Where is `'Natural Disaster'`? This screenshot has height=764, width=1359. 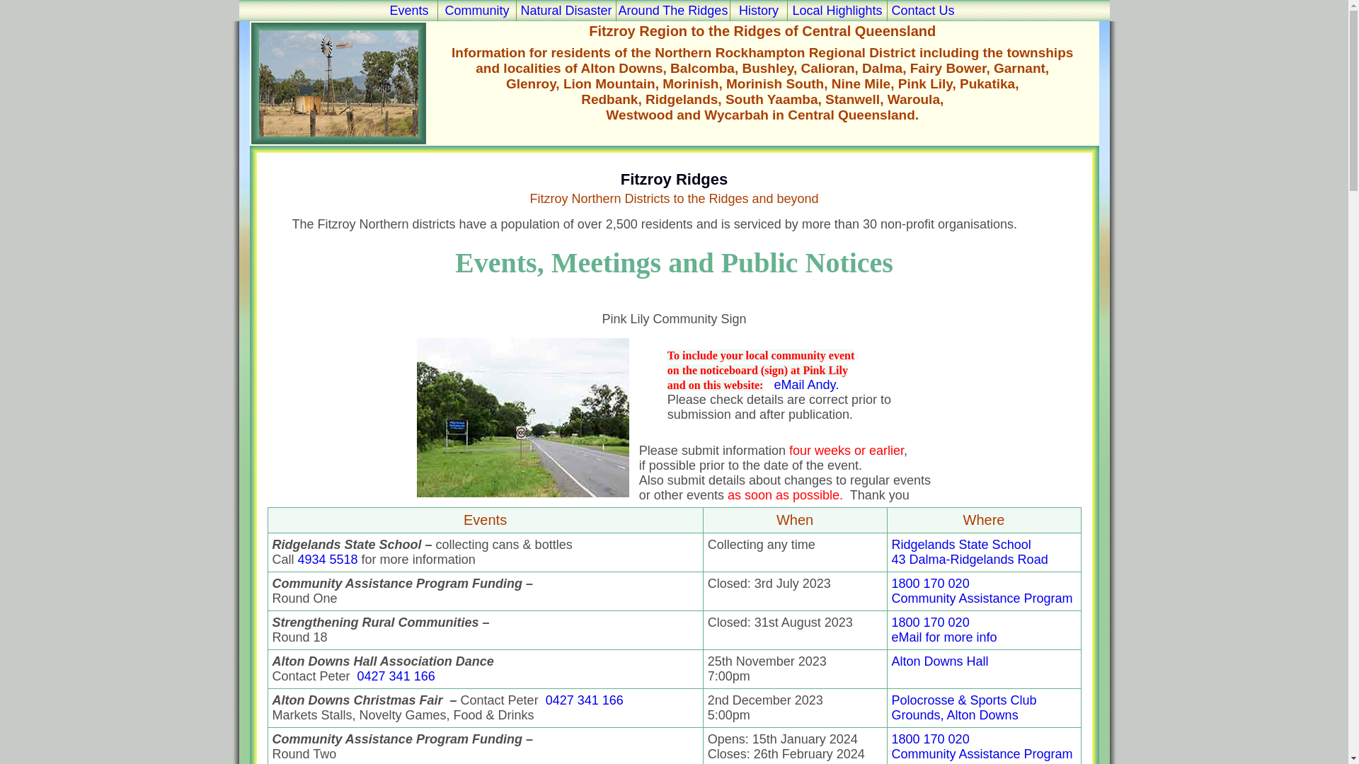
'Natural Disaster' is located at coordinates (566, 11).